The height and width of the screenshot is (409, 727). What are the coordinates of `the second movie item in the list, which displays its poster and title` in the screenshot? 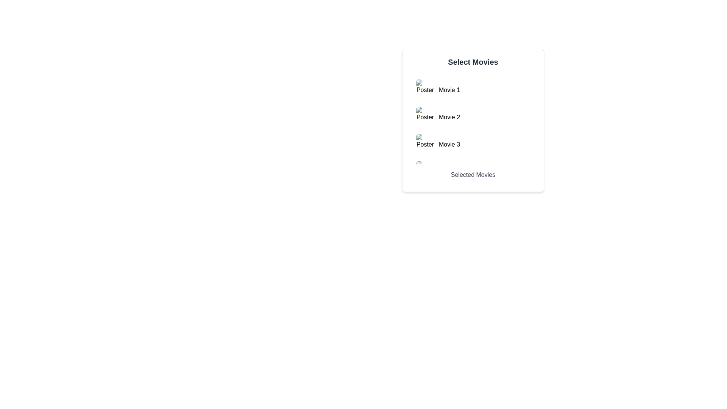 It's located at (473, 117).